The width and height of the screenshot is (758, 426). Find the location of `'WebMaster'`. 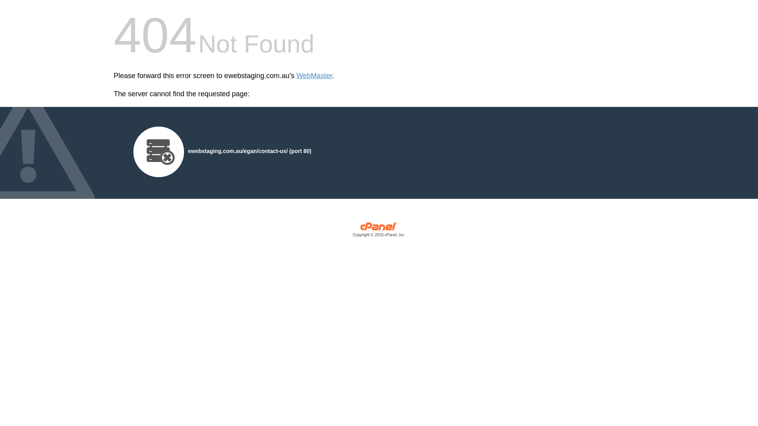

'WebMaster' is located at coordinates (296, 76).